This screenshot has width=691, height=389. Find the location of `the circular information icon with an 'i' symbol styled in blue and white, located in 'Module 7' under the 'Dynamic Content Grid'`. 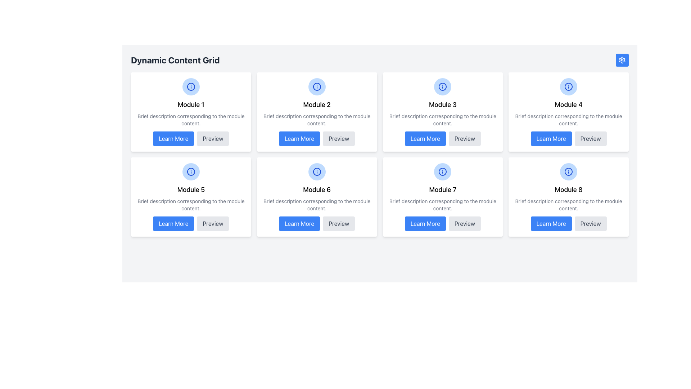

the circular information icon with an 'i' symbol styled in blue and white, located in 'Module 7' under the 'Dynamic Content Grid' is located at coordinates (442, 172).